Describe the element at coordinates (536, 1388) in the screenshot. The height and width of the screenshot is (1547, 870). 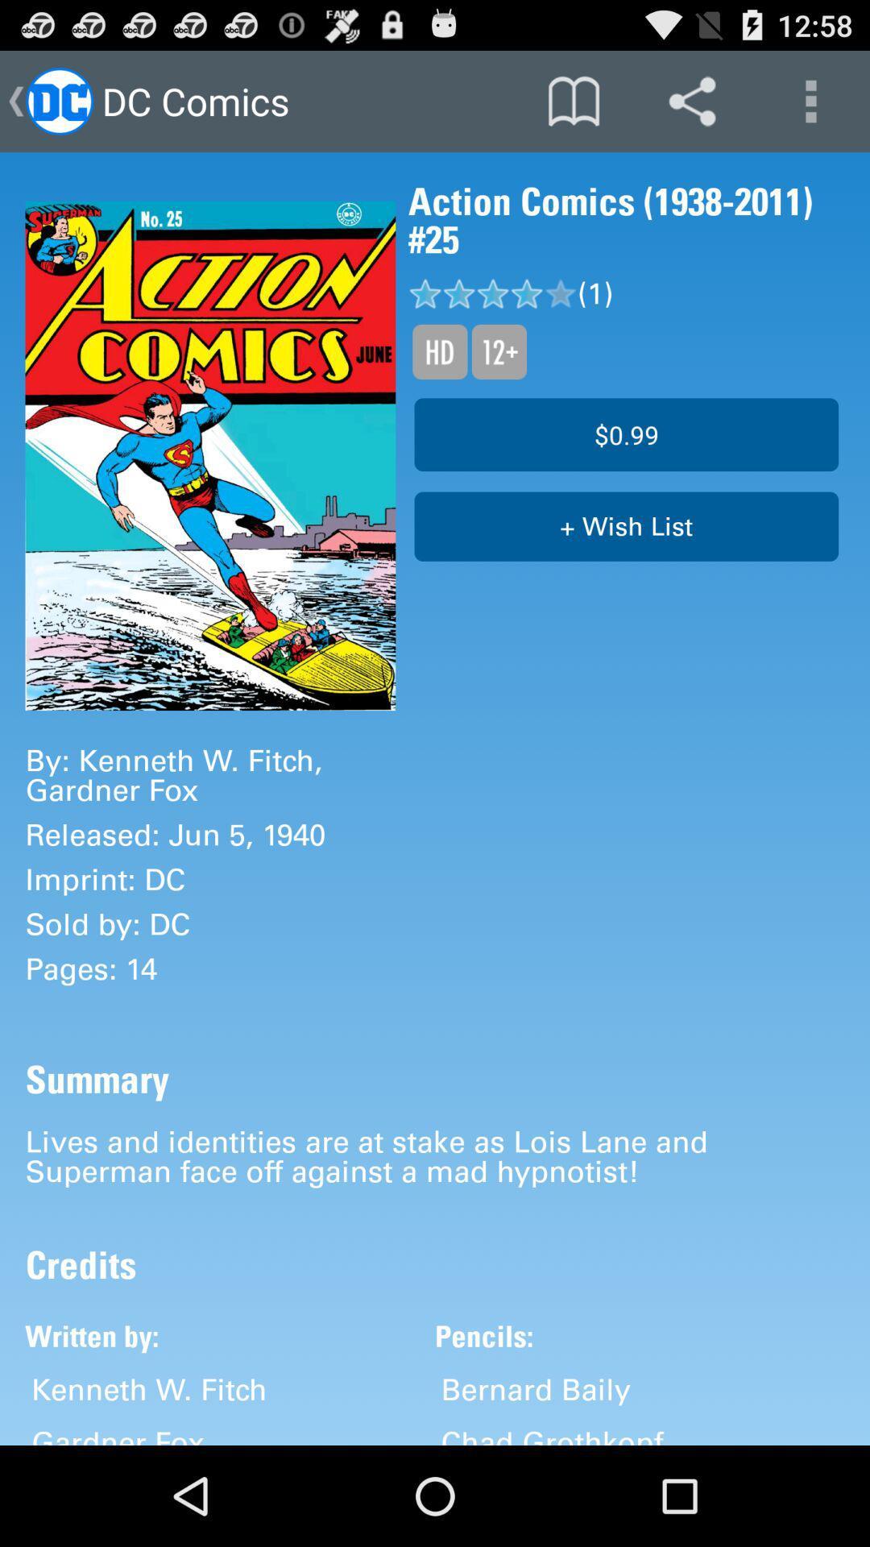
I see `the item to the right of the kenneth w. fitch item` at that location.